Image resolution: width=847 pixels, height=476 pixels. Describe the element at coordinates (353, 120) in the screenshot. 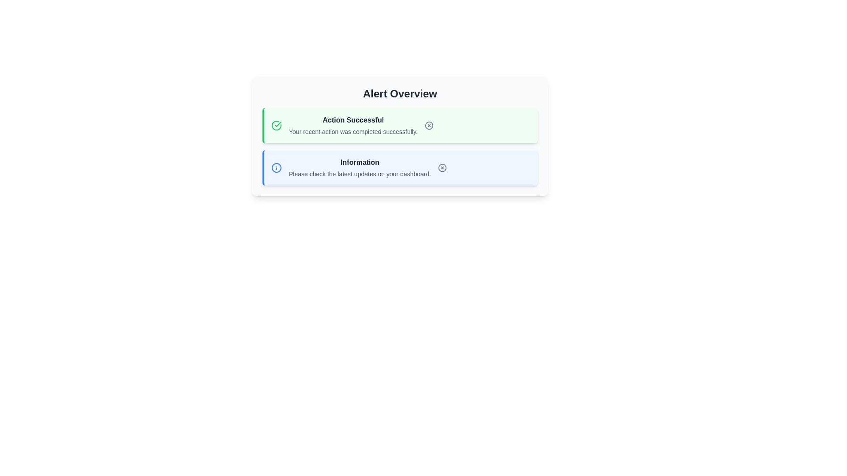

I see `the descriptive text of the alert titled 'Action Successful'` at that location.